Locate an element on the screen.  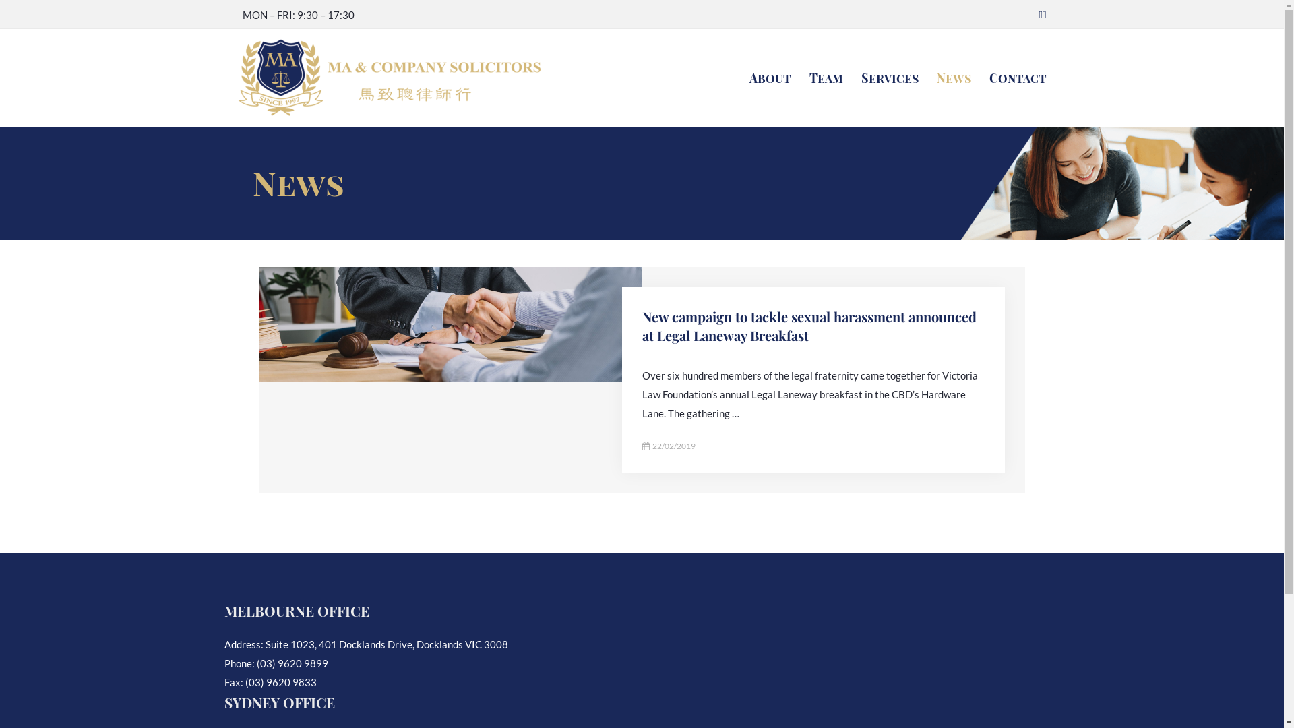
'News' is located at coordinates (944, 78).